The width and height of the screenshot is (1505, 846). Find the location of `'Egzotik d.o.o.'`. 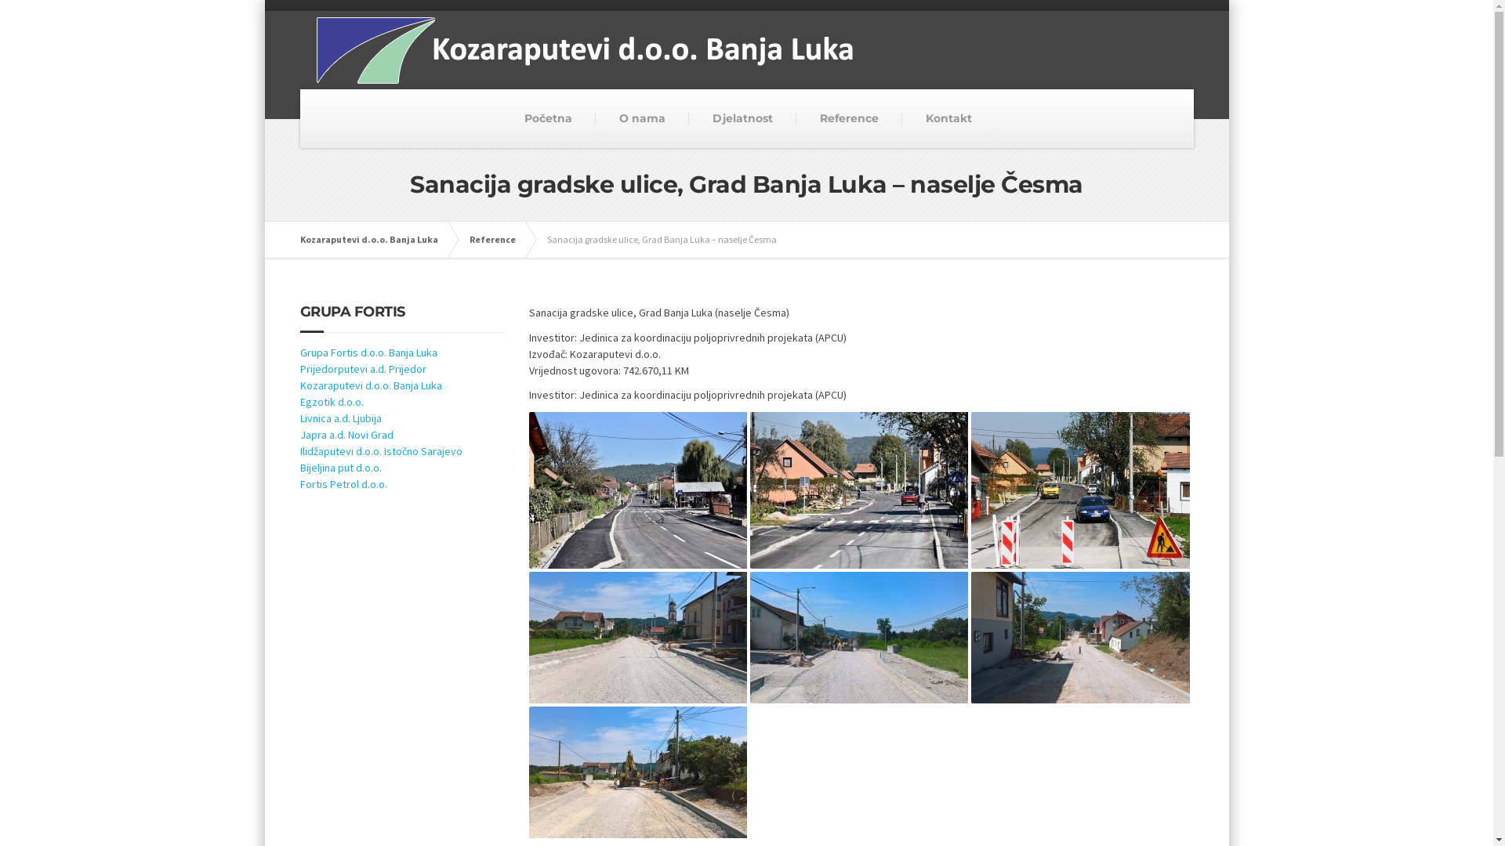

'Egzotik d.o.o.' is located at coordinates (330, 401).